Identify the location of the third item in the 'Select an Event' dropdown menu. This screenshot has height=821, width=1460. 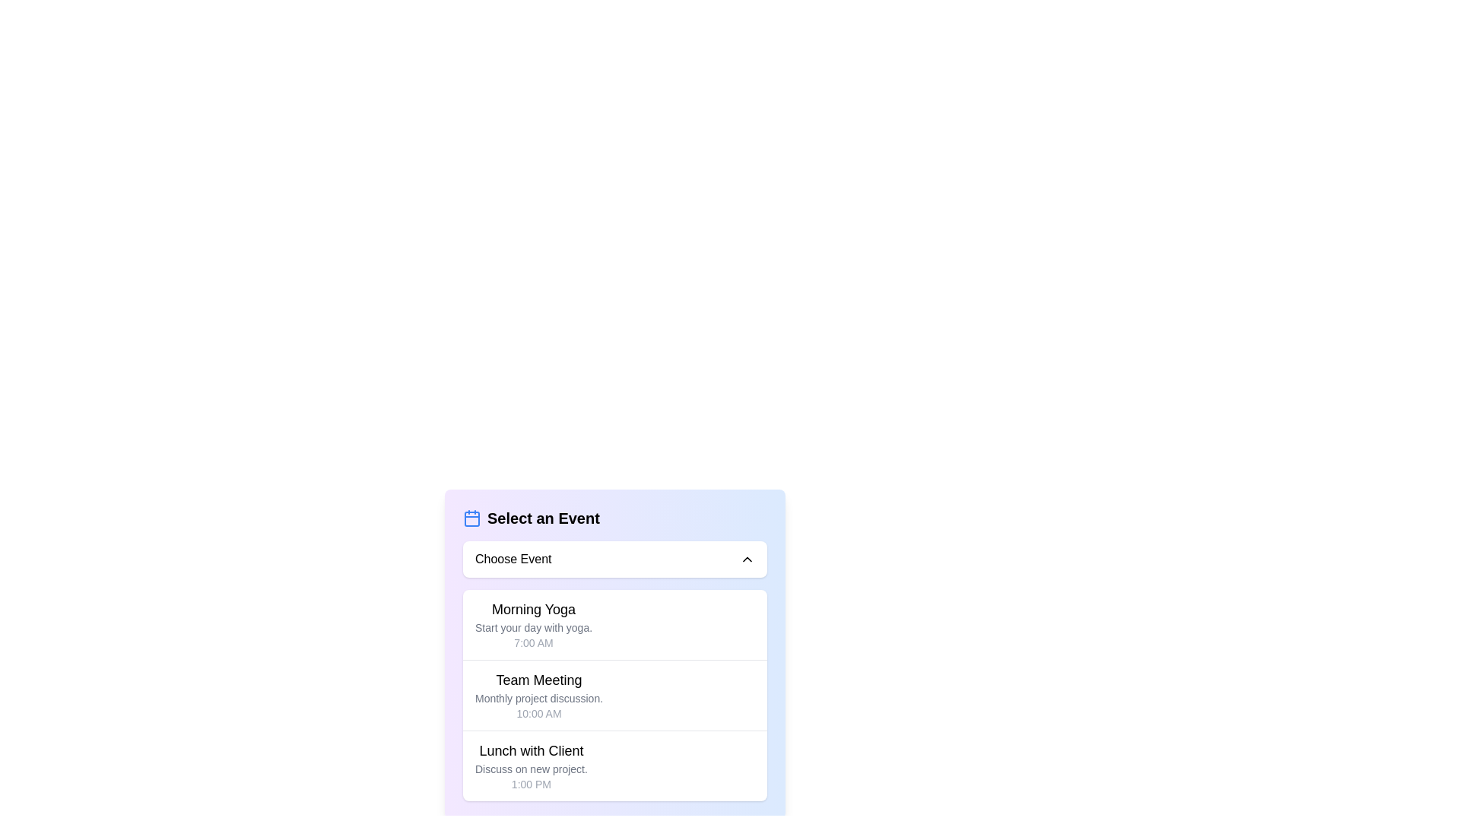
(615, 765).